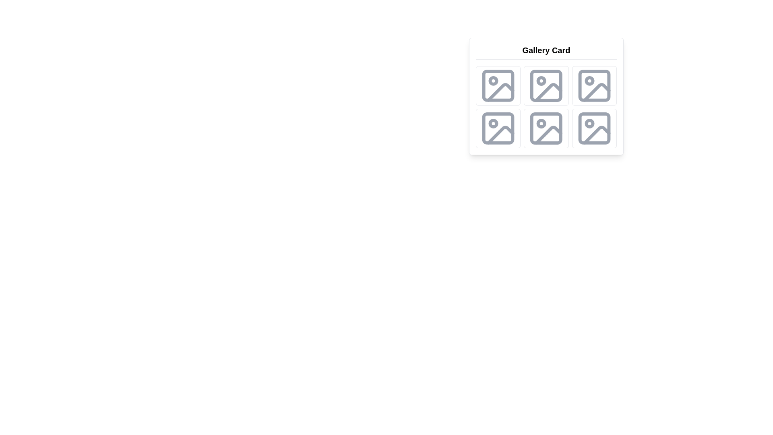 The height and width of the screenshot is (435, 773). I want to click on the SVG icon representing an image placeholder with a rectangular frame and stylized mountain-like shape in the 'Gallery Card' interface to observe the color change from light gray to blue, so click(498, 85).